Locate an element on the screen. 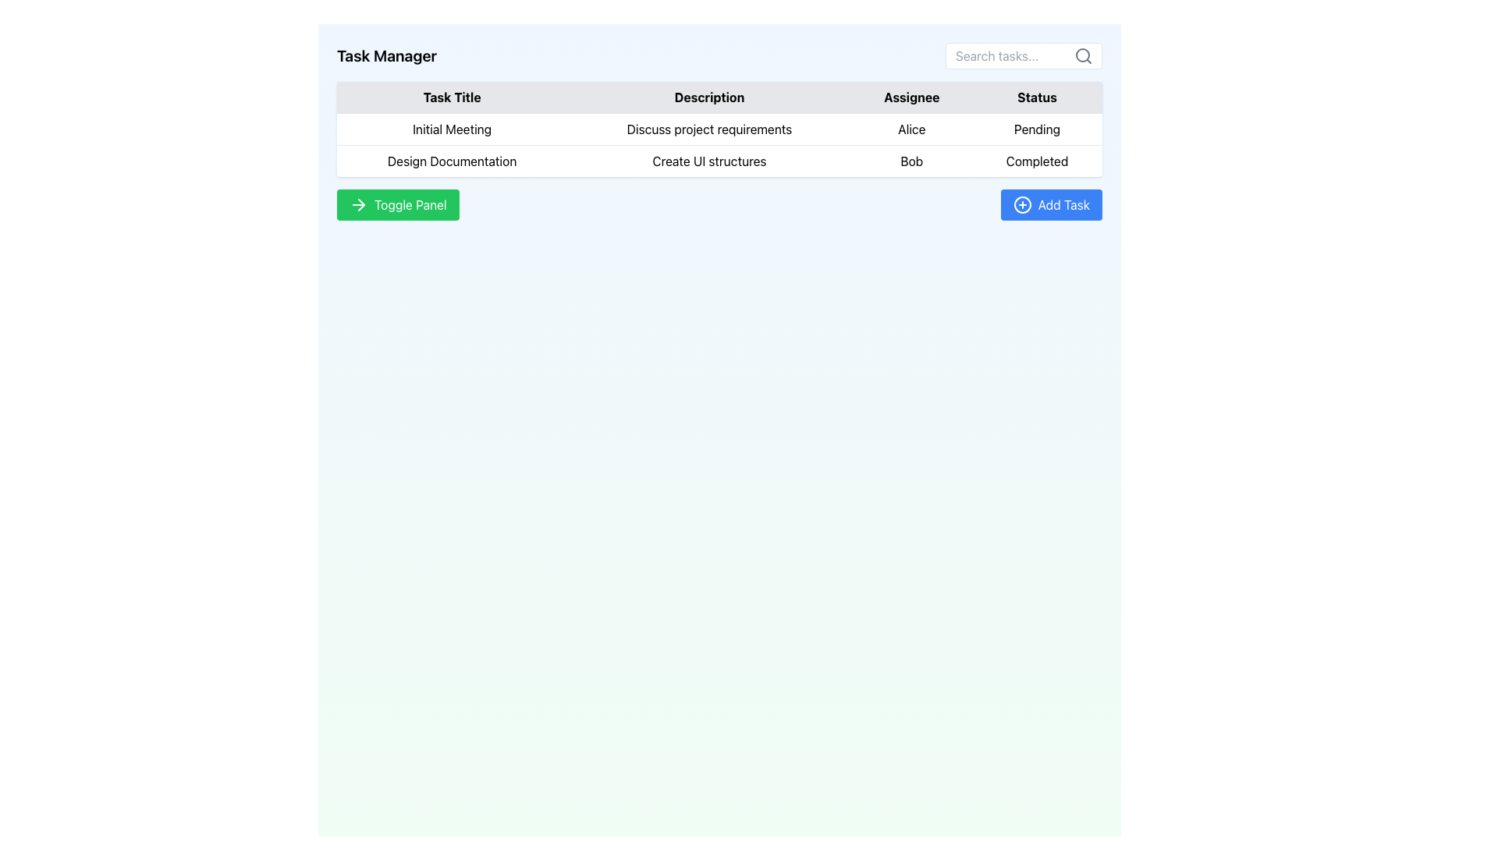 This screenshot has height=842, width=1498. the 'Task Title' text label in the header section, which is the first element in the row of column headers is located at coordinates (451, 97).